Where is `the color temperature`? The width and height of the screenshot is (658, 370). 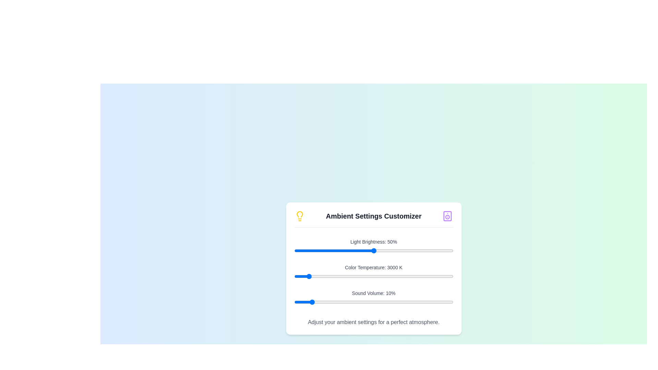 the color temperature is located at coordinates (413, 276).